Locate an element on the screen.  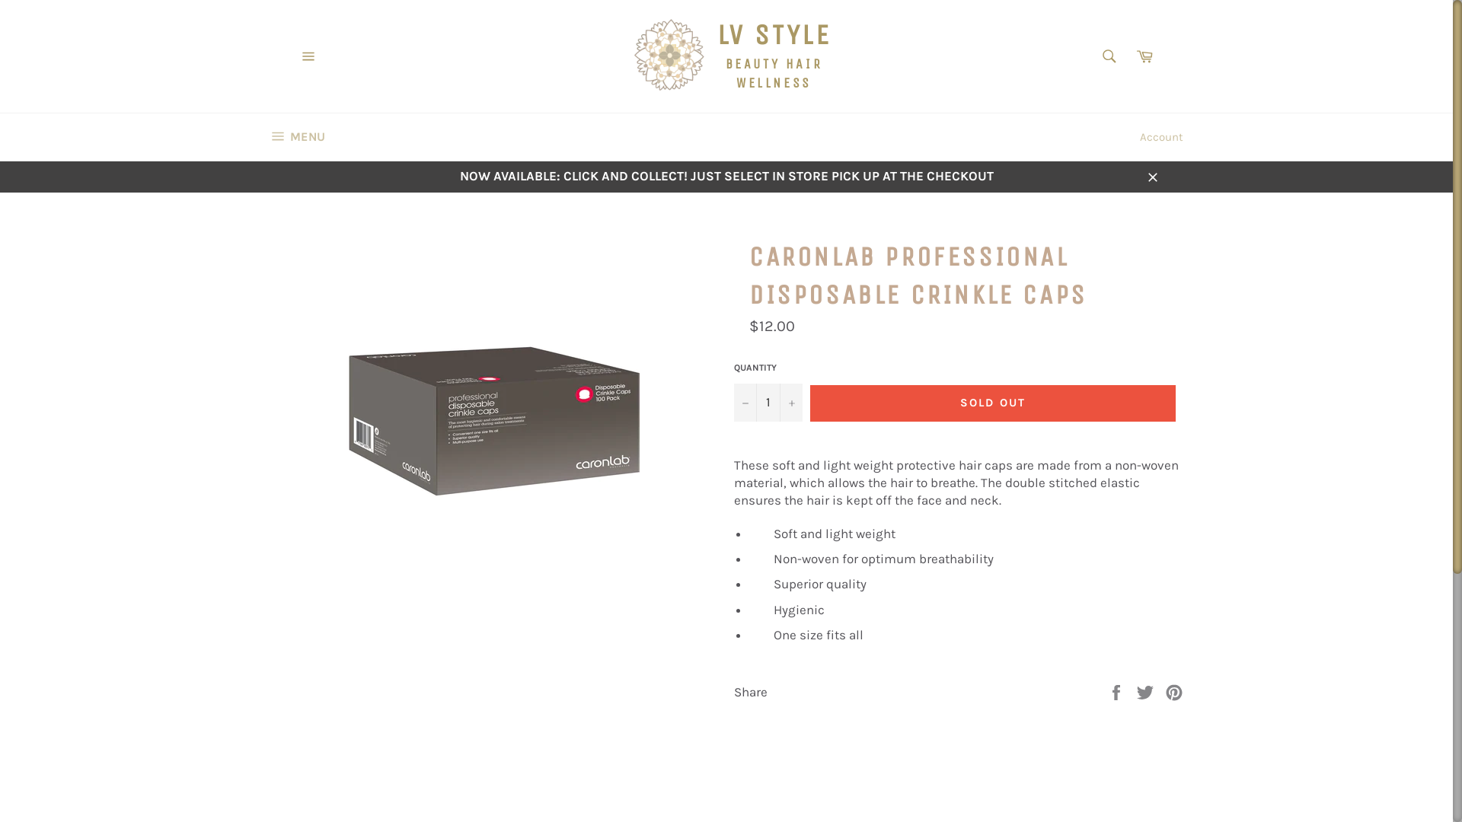
'Pin on Pinterest' is located at coordinates (1173, 692).